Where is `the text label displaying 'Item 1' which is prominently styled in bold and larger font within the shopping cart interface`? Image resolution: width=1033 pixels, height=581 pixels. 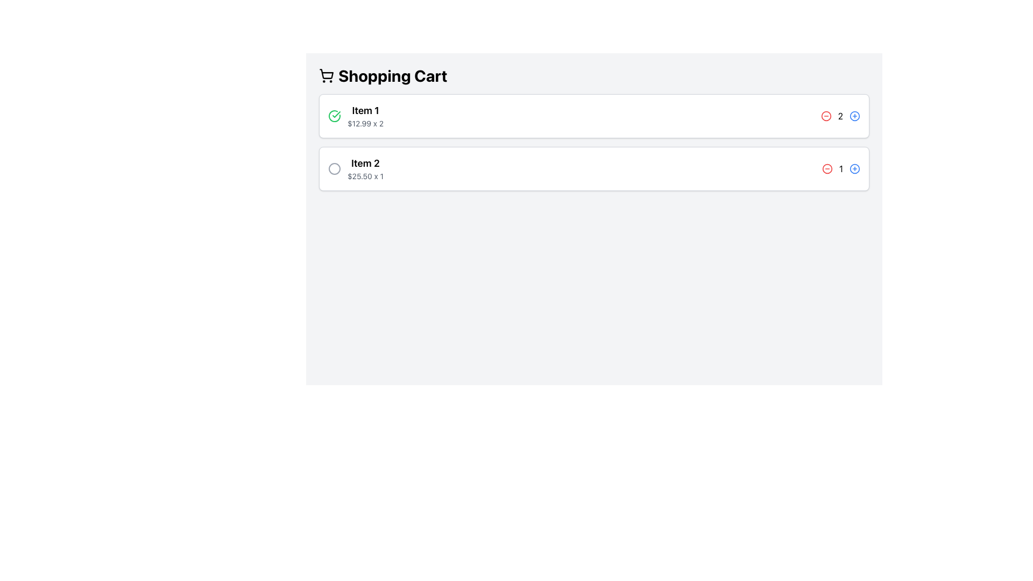 the text label displaying 'Item 1' which is prominently styled in bold and larger font within the shopping cart interface is located at coordinates (365, 110).